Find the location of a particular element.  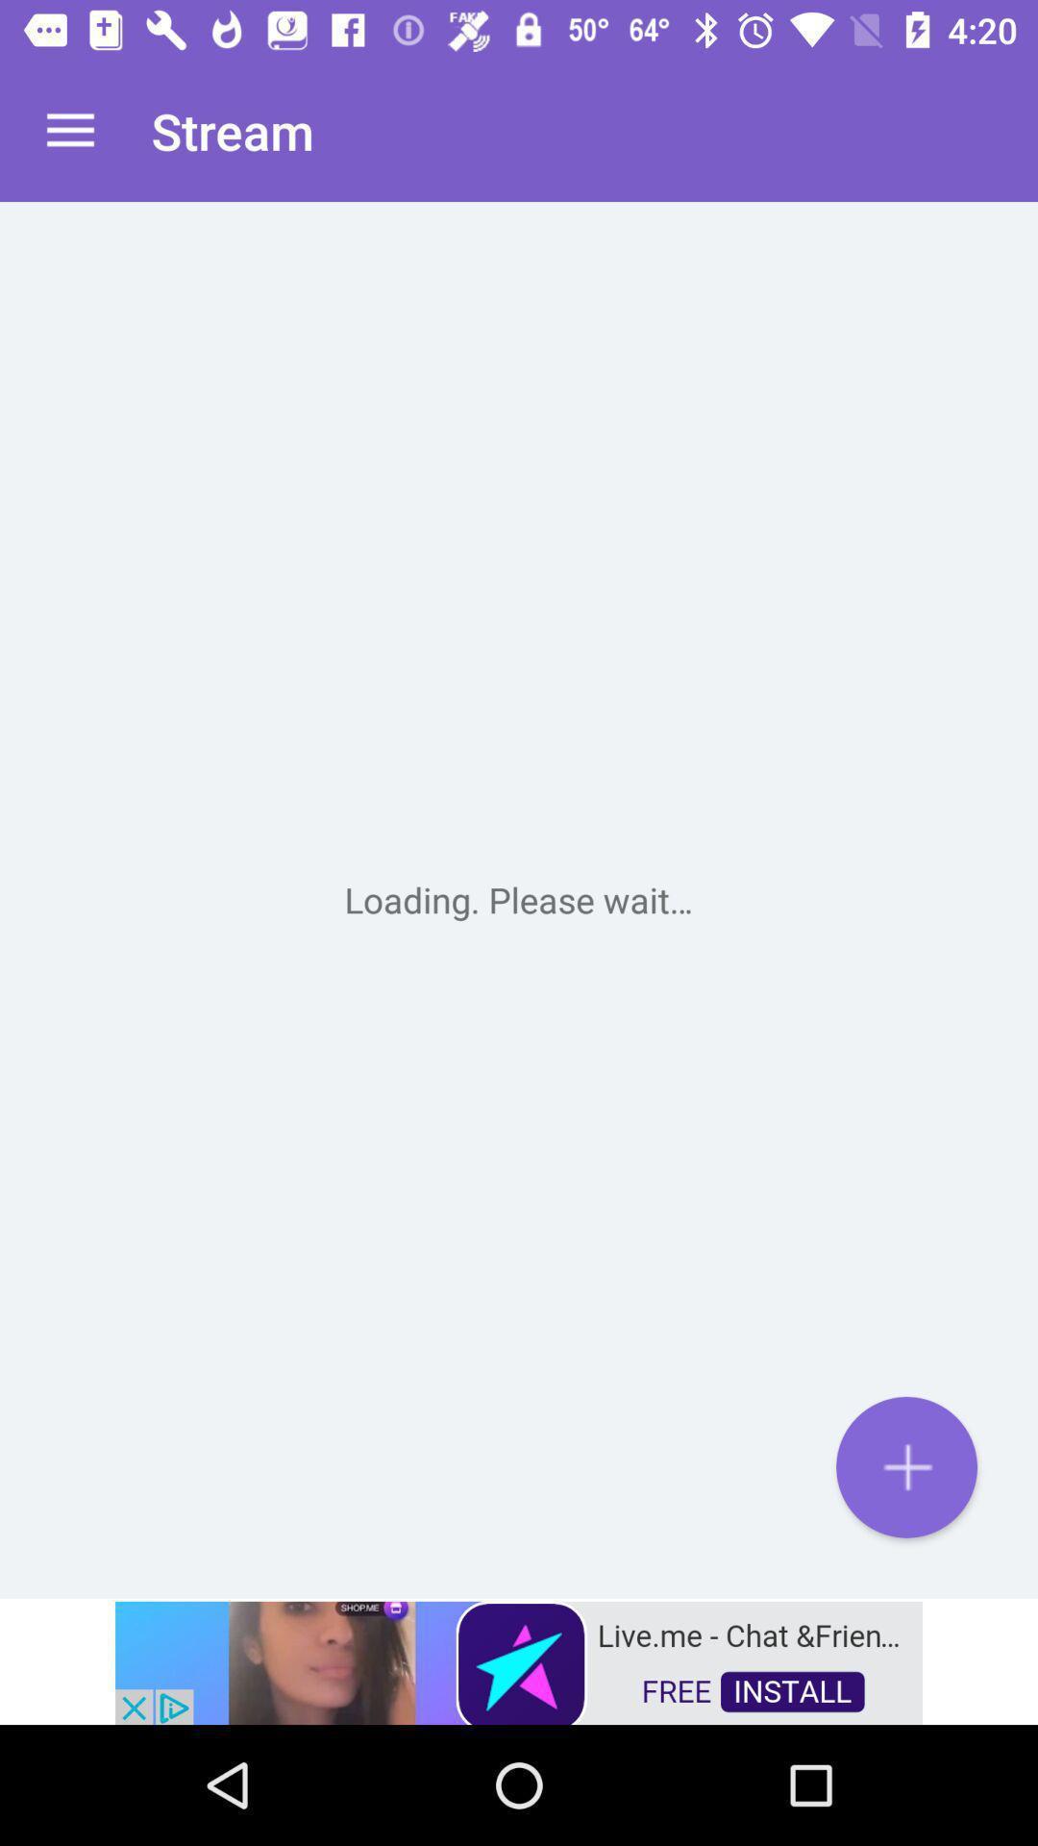

the add icon is located at coordinates (906, 1466).